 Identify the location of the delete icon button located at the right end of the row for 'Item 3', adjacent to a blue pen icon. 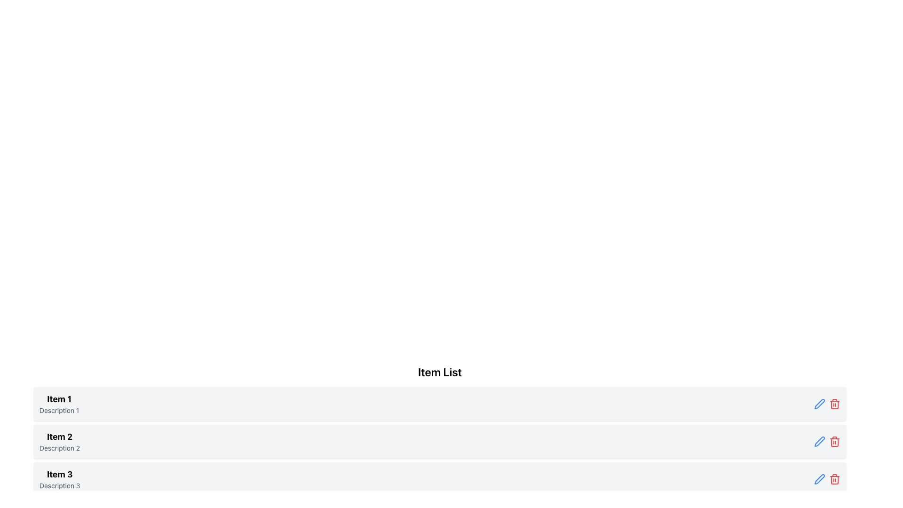
(835, 479).